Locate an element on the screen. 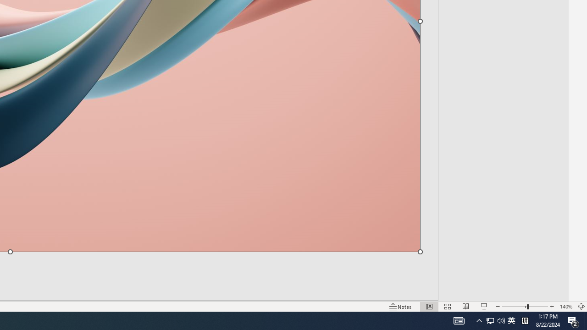  'Zoom 140%' is located at coordinates (565, 307).